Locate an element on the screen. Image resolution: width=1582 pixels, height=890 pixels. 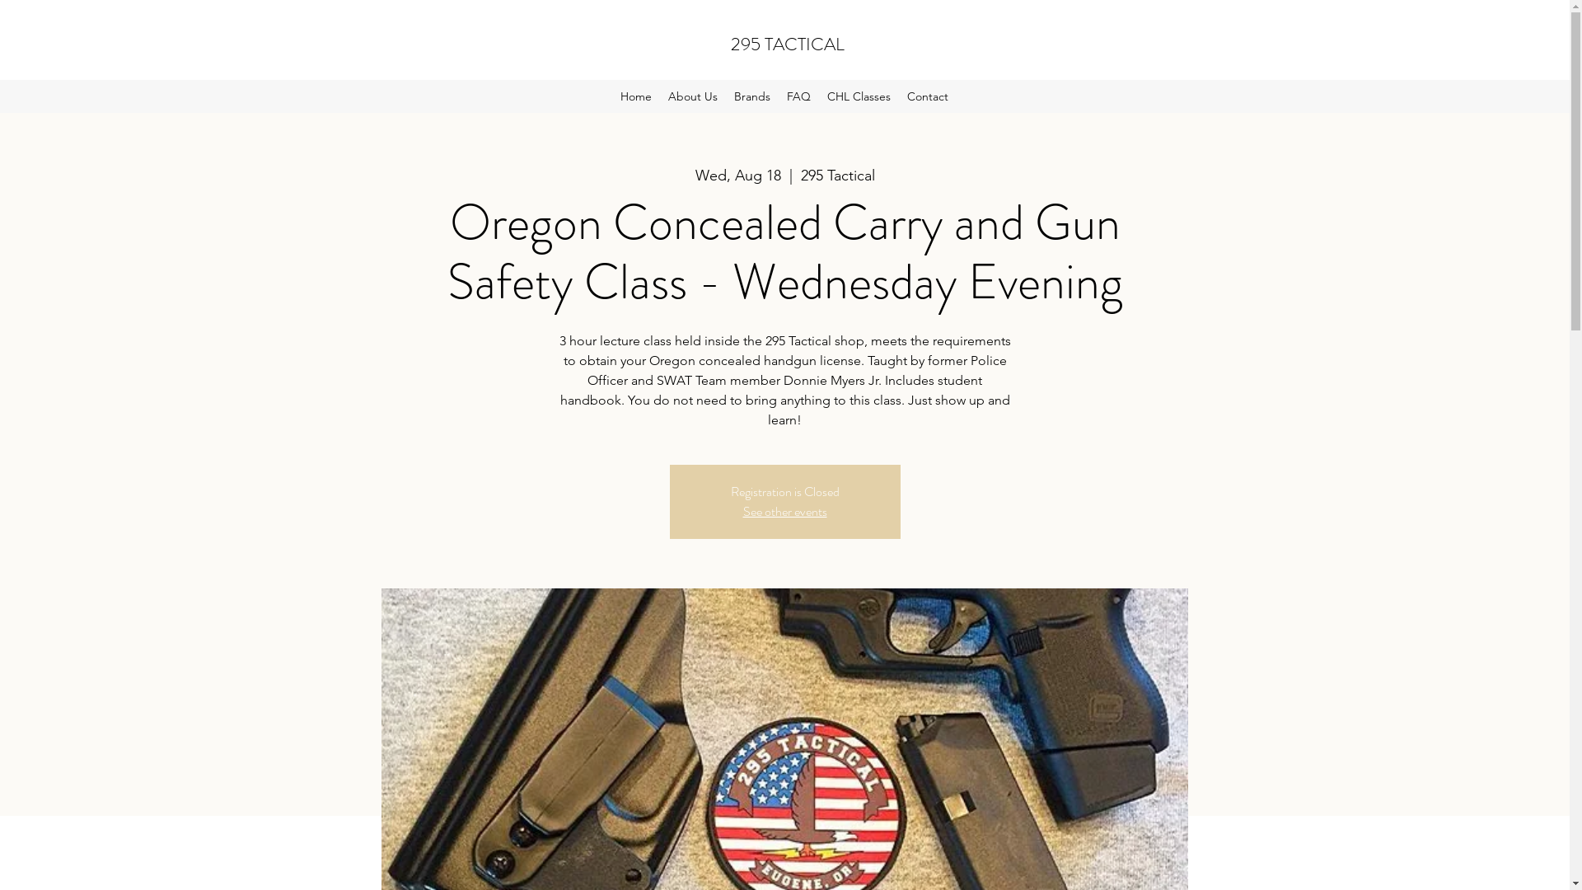
'Brands' is located at coordinates (751, 96).